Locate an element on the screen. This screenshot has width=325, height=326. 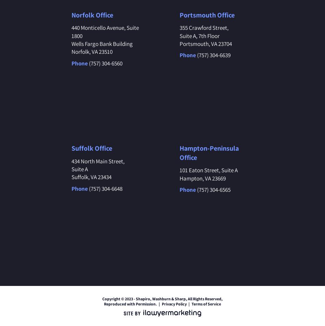
'(757) 304-6648' is located at coordinates (105, 188).